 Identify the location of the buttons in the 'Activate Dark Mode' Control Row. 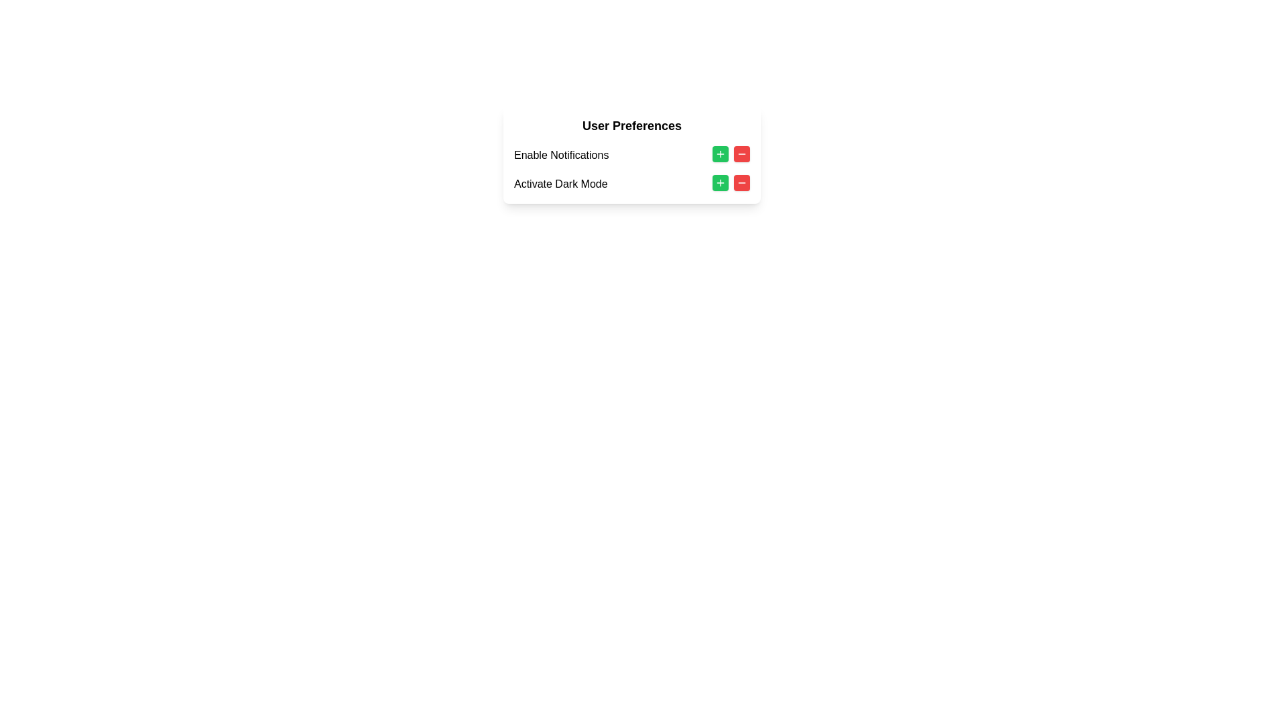
(631, 184).